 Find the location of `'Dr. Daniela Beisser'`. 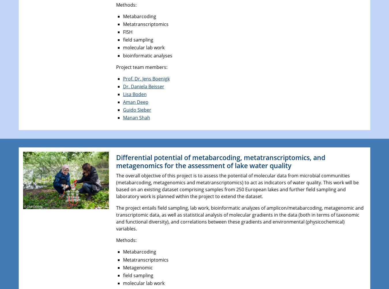

'Dr. Daniela Beisser' is located at coordinates (143, 86).